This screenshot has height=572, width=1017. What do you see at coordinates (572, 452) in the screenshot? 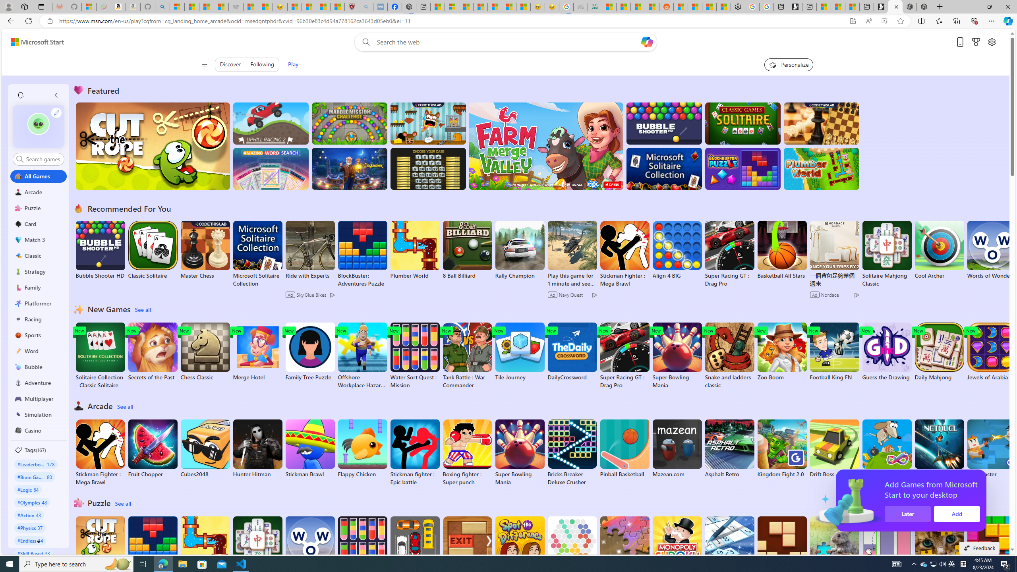
I see `'Bricks Breaker Deluxe Crusher'` at bounding box center [572, 452].